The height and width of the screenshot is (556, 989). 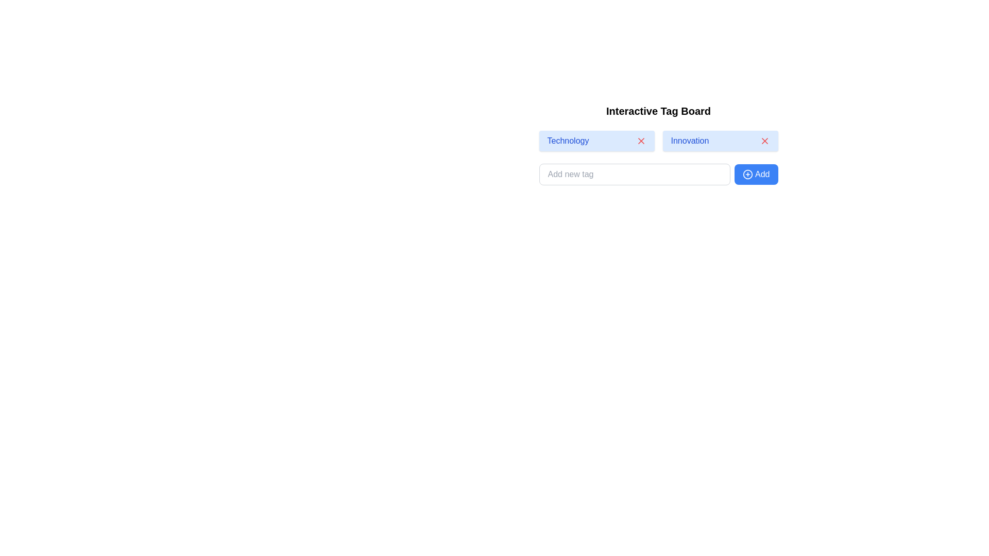 I want to click on the blue button with rounded corners that has a white plus icon and the text 'Add' to the right of the 'Add new tag' input field, so click(x=756, y=174).